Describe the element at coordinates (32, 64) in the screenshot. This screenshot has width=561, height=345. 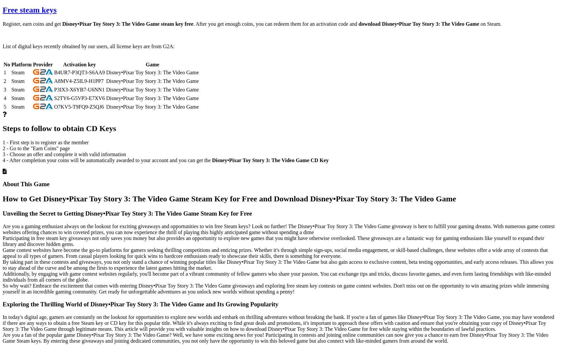
I see `'Provider'` at that location.